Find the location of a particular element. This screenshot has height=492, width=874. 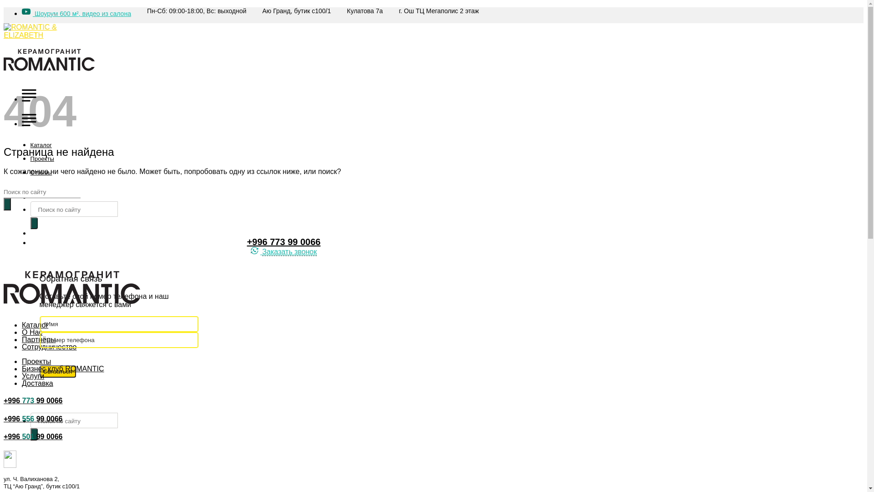

'Skip to content' is located at coordinates (3, 7).